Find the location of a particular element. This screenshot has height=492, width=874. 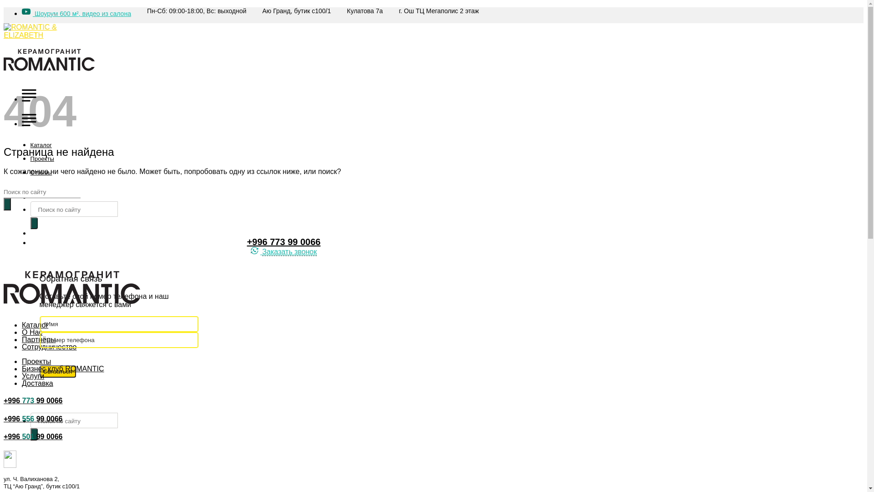

'Skip to content' is located at coordinates (3, 7).